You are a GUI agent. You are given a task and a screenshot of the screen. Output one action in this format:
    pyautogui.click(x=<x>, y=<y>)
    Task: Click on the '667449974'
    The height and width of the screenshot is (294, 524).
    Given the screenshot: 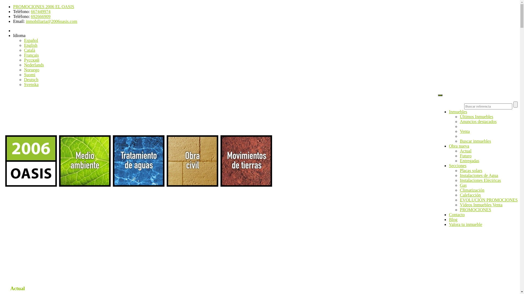 What is the action you would take?
    pyautogui.click(x=40, y=11)
    